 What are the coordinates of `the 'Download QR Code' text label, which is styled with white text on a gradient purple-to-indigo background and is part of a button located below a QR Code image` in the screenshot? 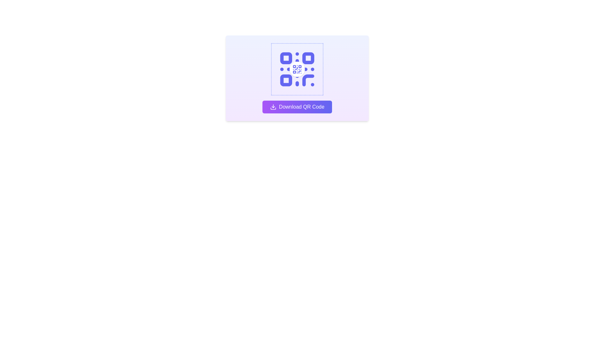 It's located at (301, 107).